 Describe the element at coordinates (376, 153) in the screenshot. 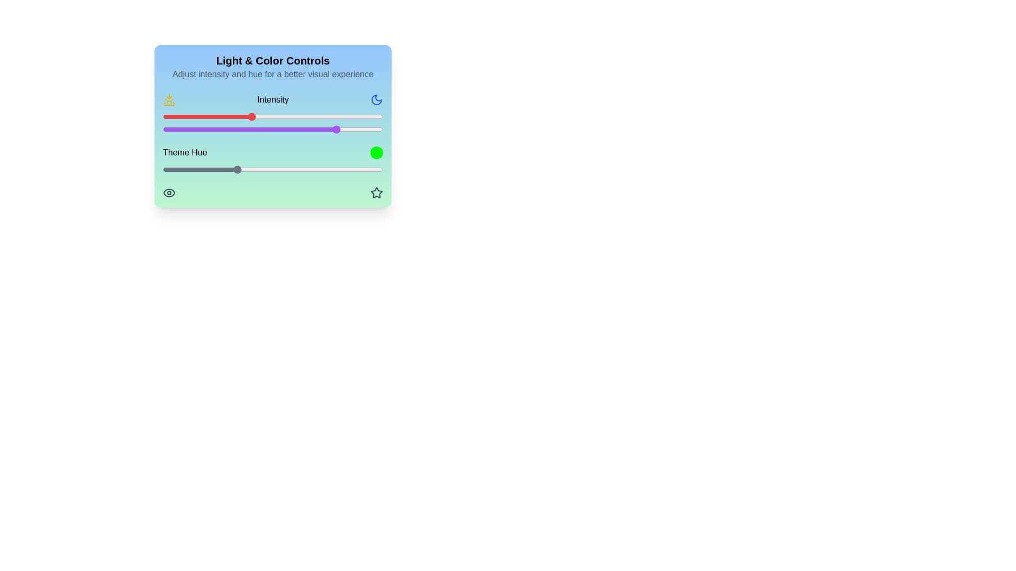

I see `the small circular vivid green Indicator or modifier icon located on the right side of the 'Theme Hue' section` at that location.